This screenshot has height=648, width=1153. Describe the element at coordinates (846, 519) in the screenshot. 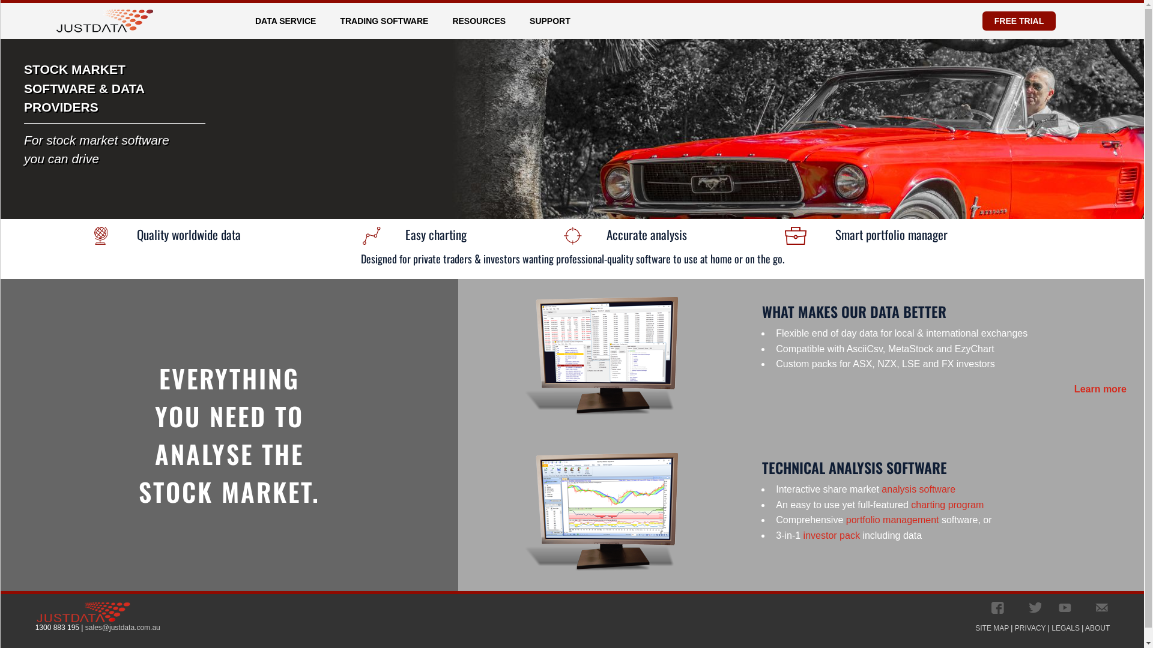

I see `'portfolio management'` at that location.